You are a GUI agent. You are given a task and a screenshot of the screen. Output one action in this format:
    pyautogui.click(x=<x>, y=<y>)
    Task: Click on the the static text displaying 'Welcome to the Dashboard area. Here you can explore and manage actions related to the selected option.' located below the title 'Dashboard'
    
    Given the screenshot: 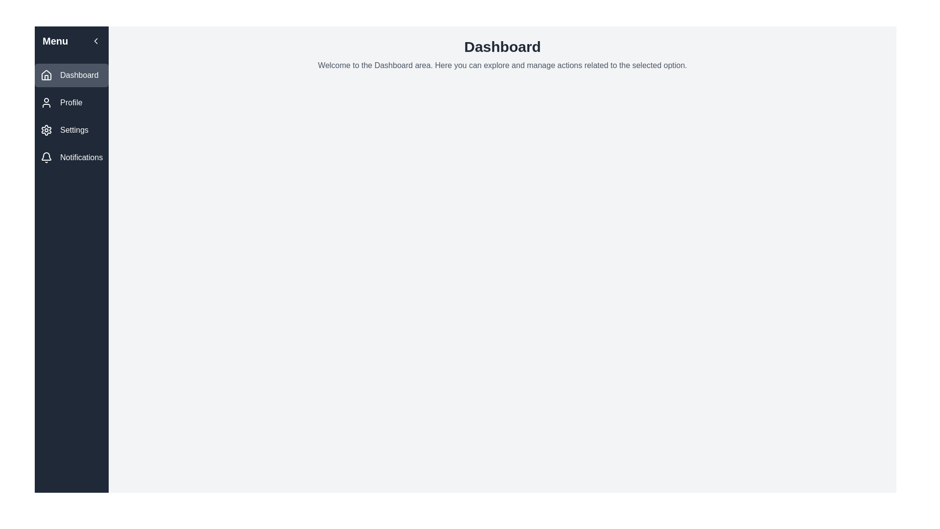 What is the action you would take?
    pyautogui.click(x=502, y=66)
    